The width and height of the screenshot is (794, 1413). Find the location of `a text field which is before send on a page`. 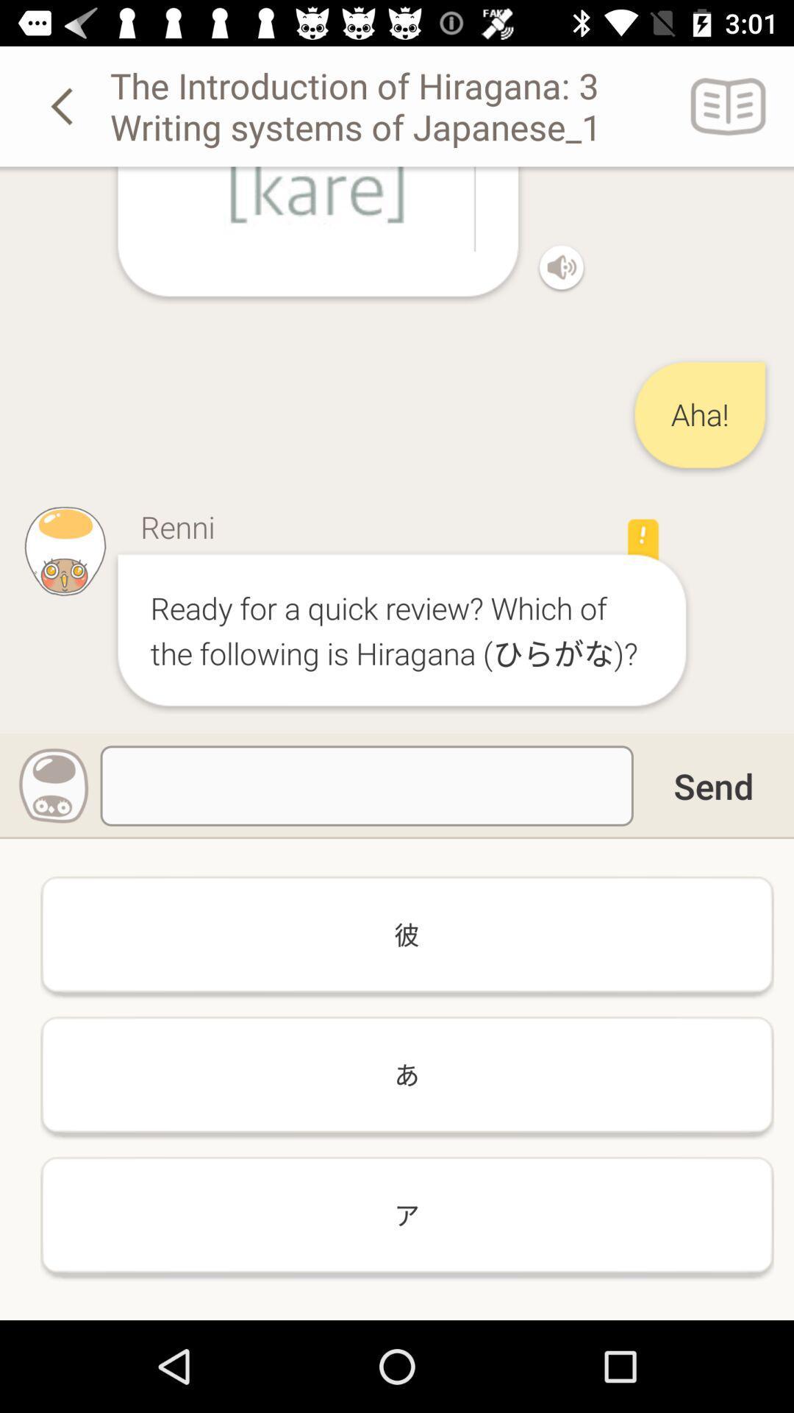

a text field which is before send on a page is located at coordinates (366, 785).